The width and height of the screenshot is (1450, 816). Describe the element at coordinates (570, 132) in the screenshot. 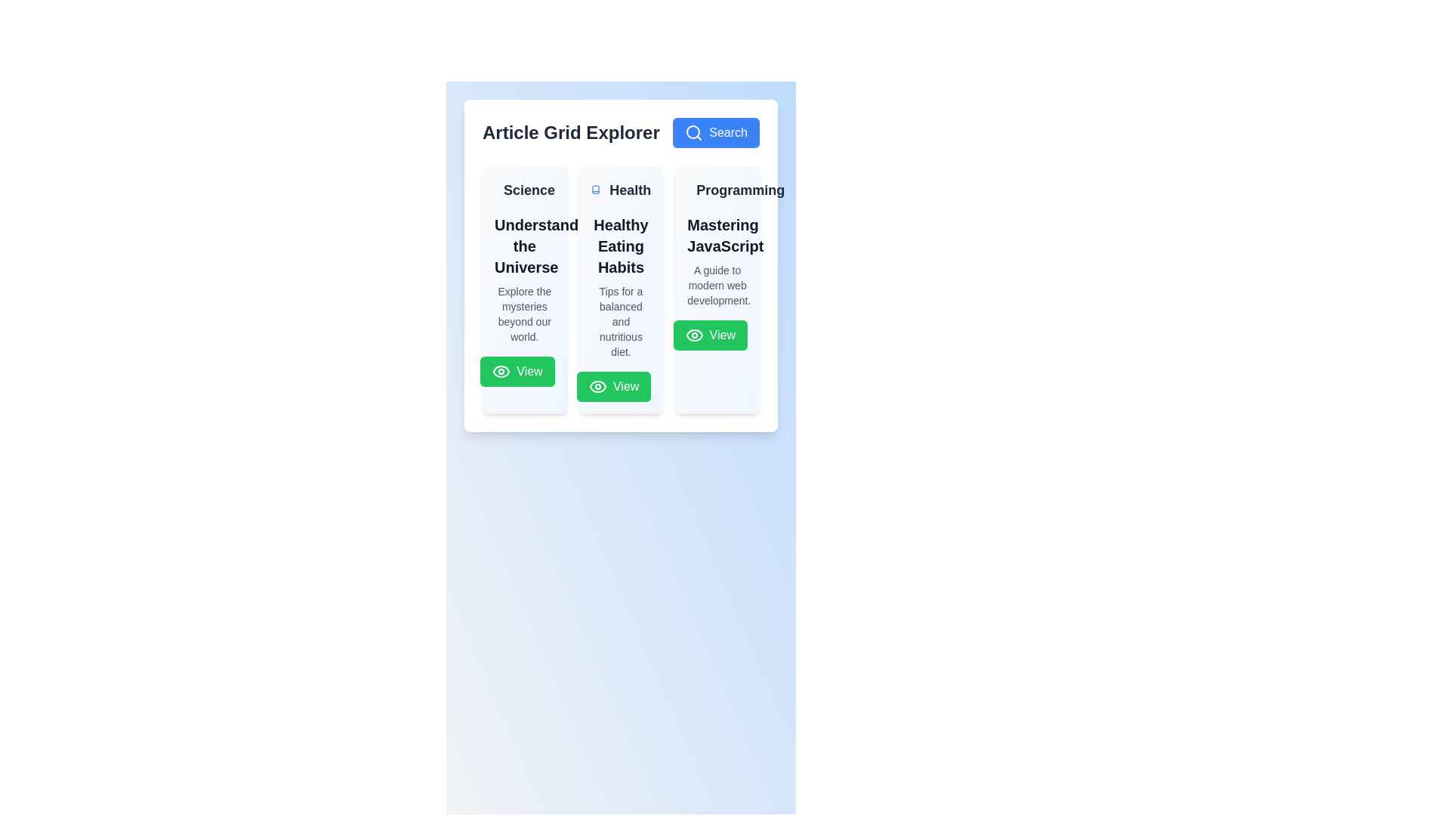

I see `the 'Article Grid Explorer' text label, which is a bold and large font size label displayed in dark gray color at the top of the layout` at that location.